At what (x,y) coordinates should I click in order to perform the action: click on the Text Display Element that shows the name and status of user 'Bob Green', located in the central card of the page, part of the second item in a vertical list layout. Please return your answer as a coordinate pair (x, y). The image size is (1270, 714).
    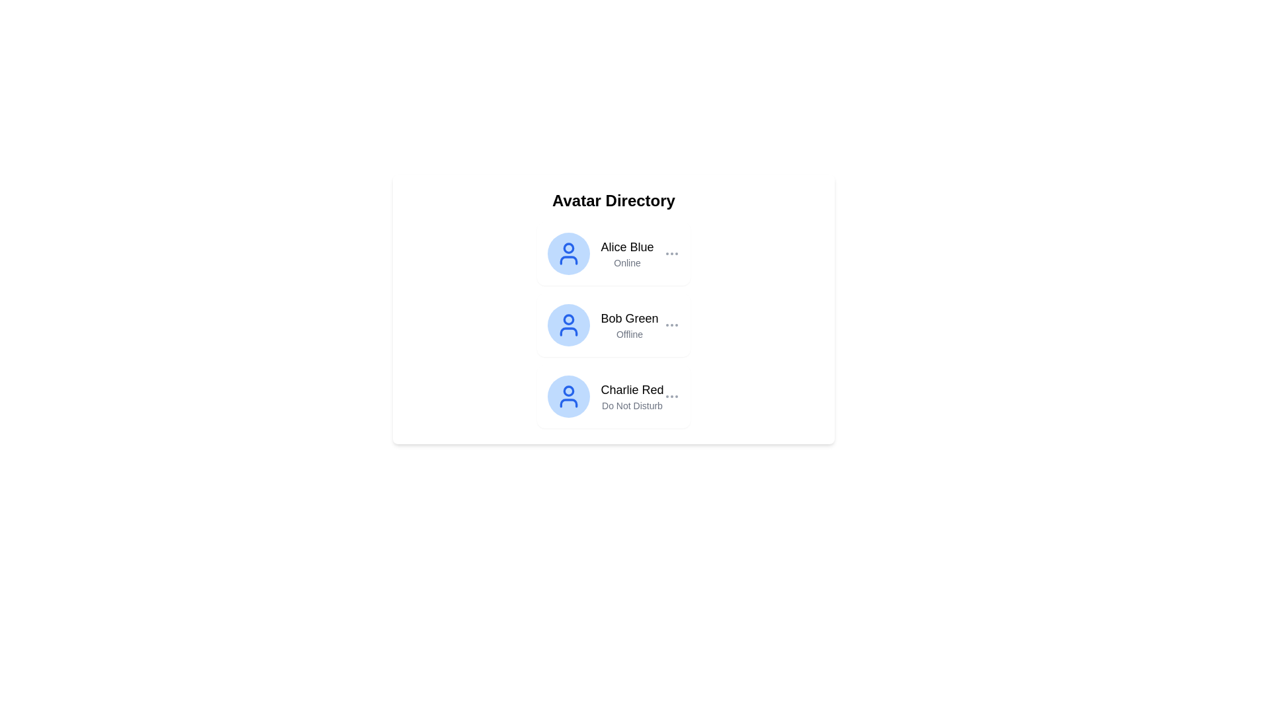
    Looking at the image, I should click on (628, 325).